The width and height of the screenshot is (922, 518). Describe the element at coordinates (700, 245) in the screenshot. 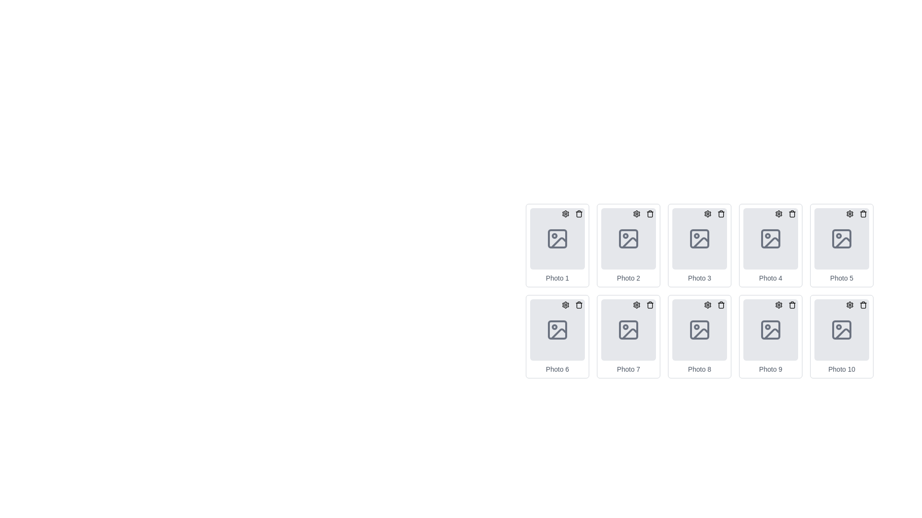

I see `the trash icon on the card representing the photo item, which is the third item in the first row of the grid layout` at that location.